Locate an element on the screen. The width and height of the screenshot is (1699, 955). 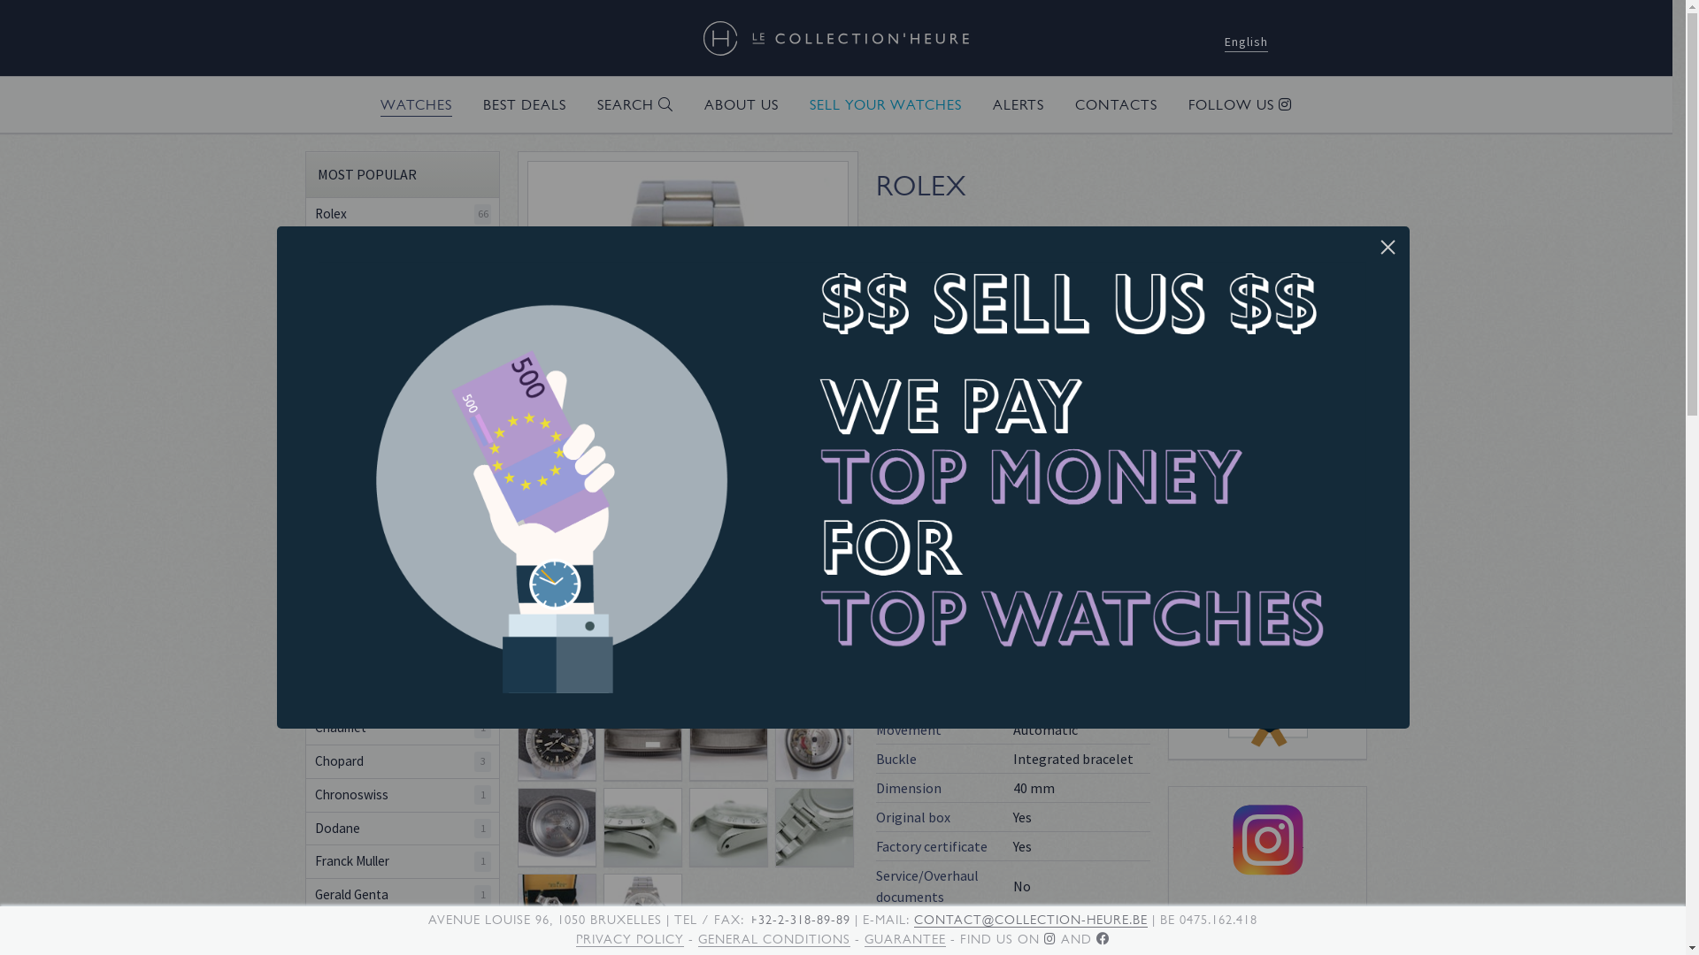
'CONTACT@COLLECTION-HEURE.BE' is located at coordinates (1031, 919).